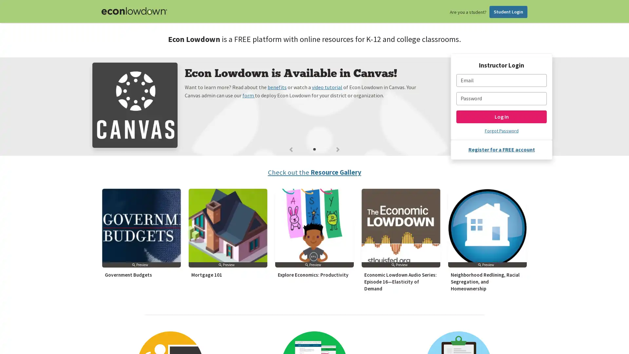 Image resolution: width=629 pixels, height=354 pixels. Describe the element at coordinates (501, 116) in the screenshot. I see `Log In` at that location.